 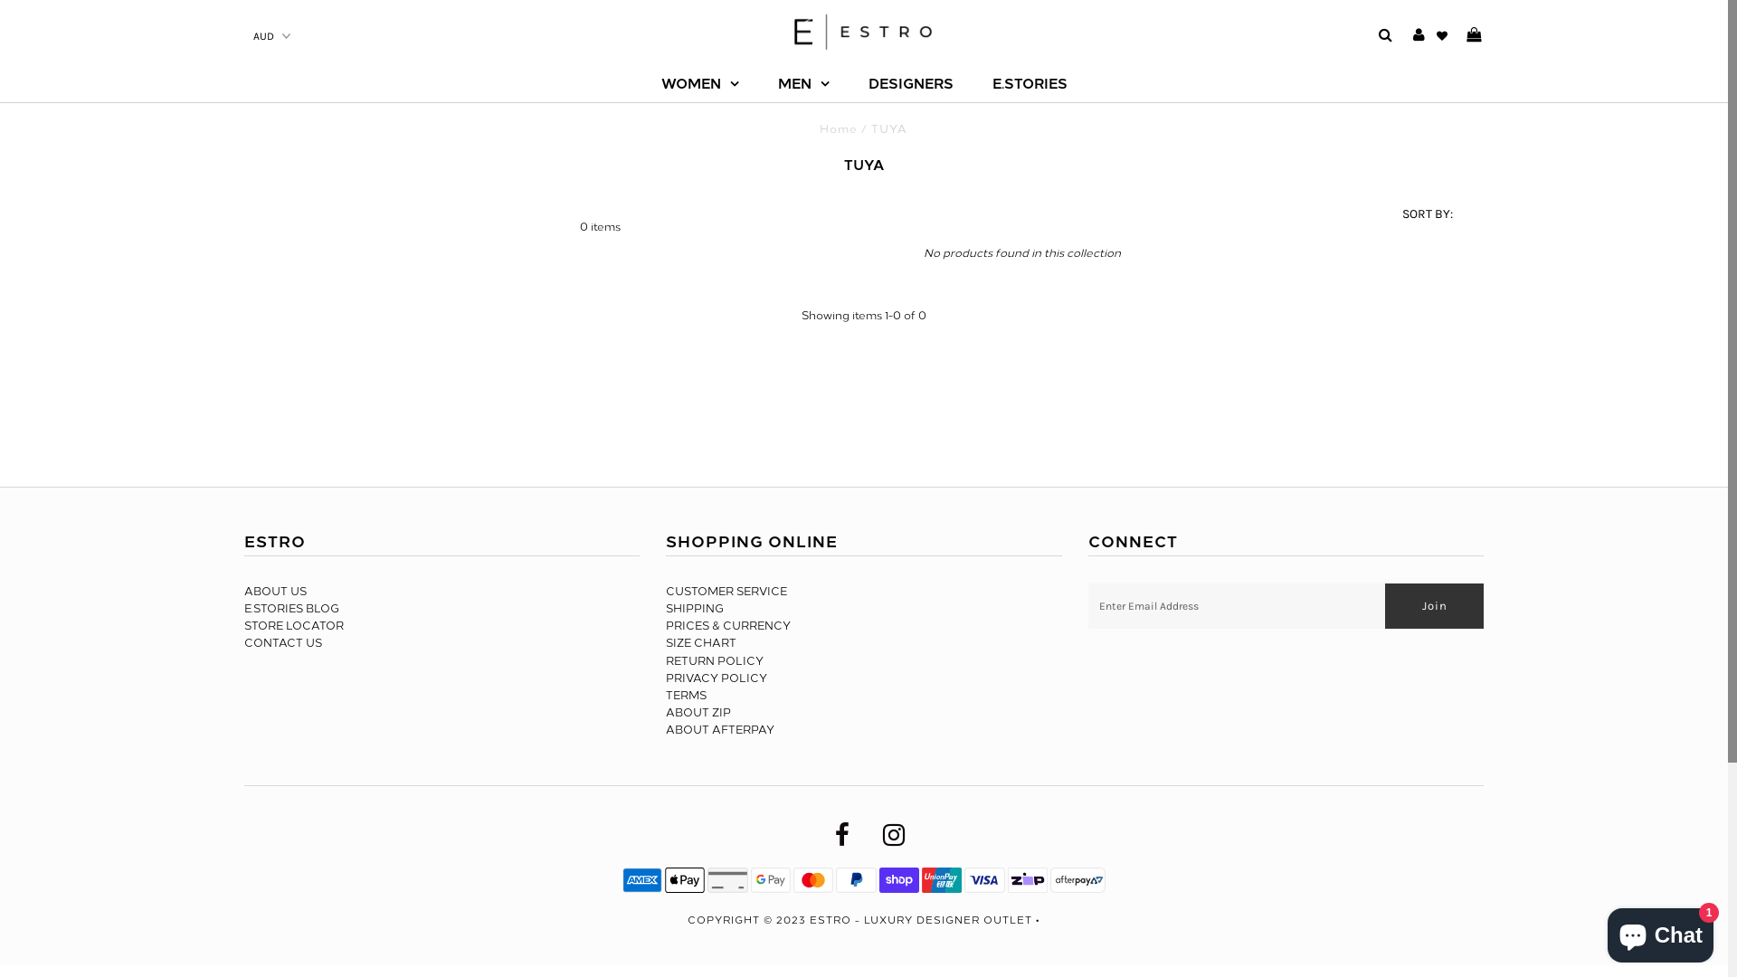 I want to click on 'E.STORIES', so click(x=1029, y=83).